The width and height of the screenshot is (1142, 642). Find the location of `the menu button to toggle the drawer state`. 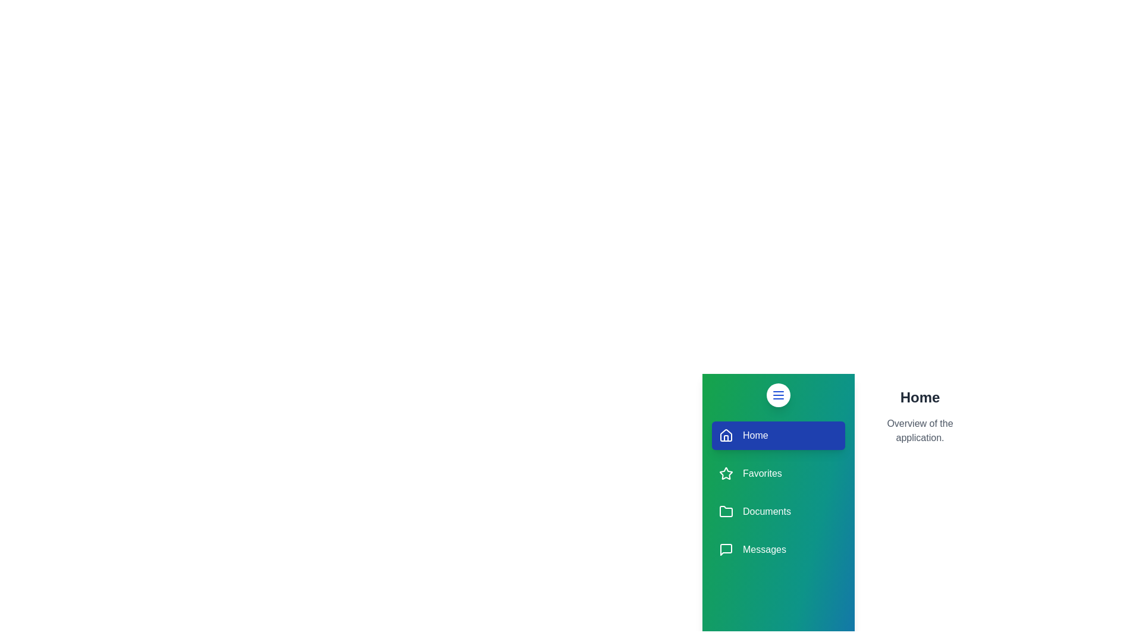

the menu button to toggle the drawer state is located at coordinates (779, 395).